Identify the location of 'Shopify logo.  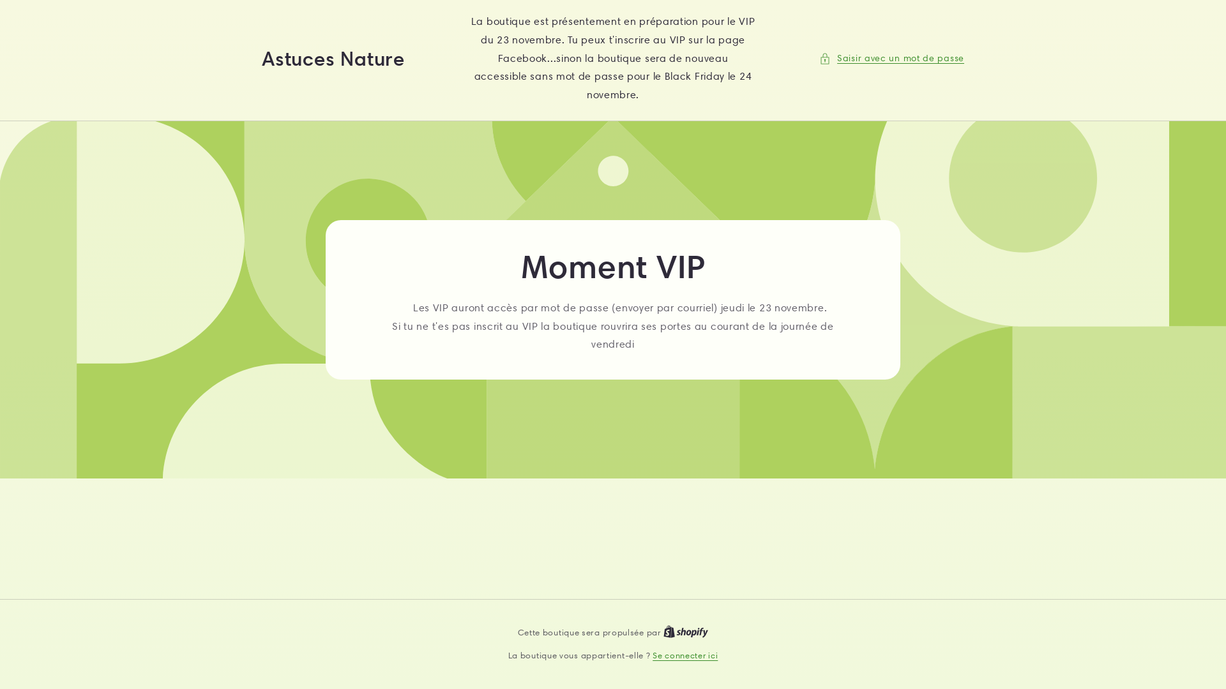
(685, 632).